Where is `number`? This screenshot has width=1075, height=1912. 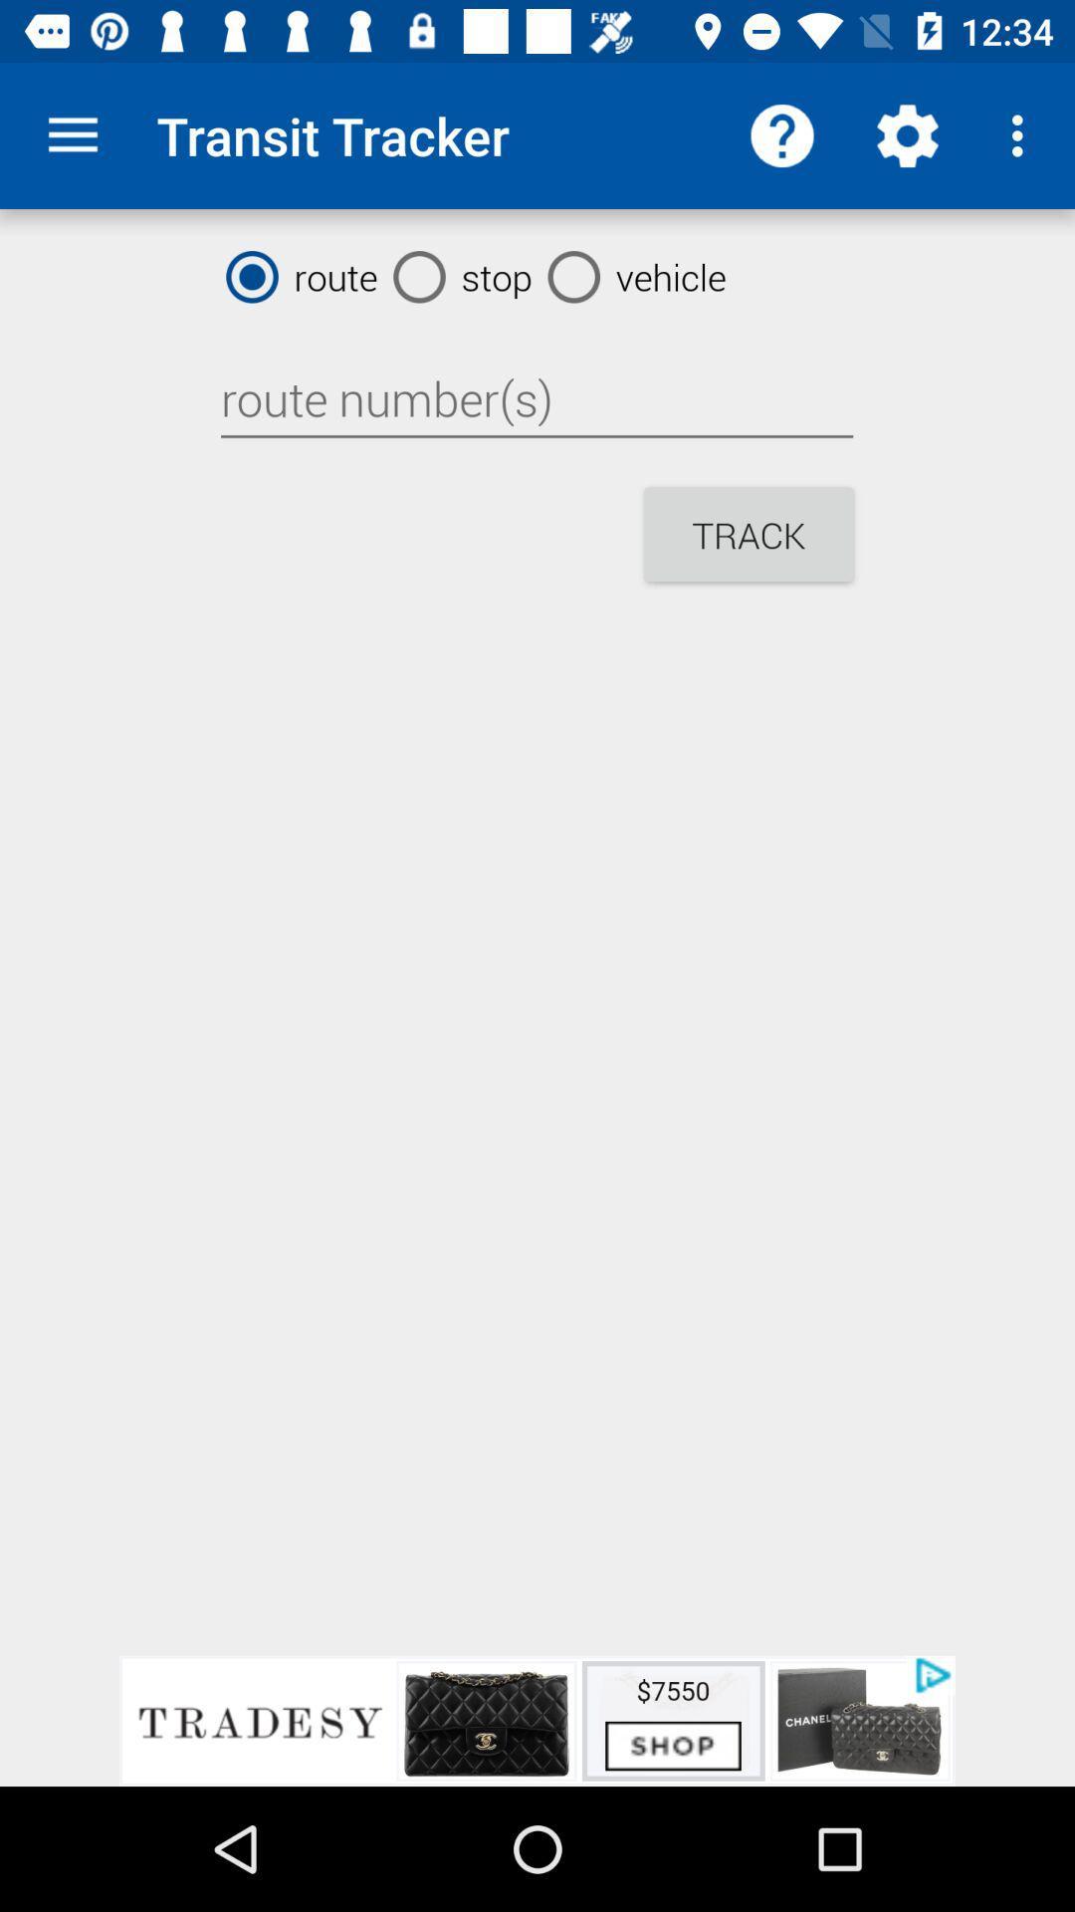
number is located at coordinates (536, 398).